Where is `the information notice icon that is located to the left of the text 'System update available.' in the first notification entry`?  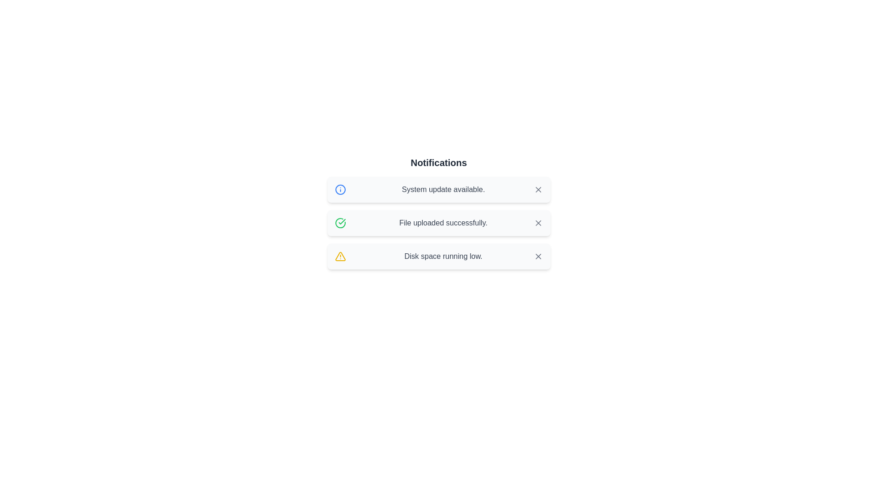
the information notice icon that is located to the left of the text 'System update available.' in the first notification entry is located at coordinates (340, 189).